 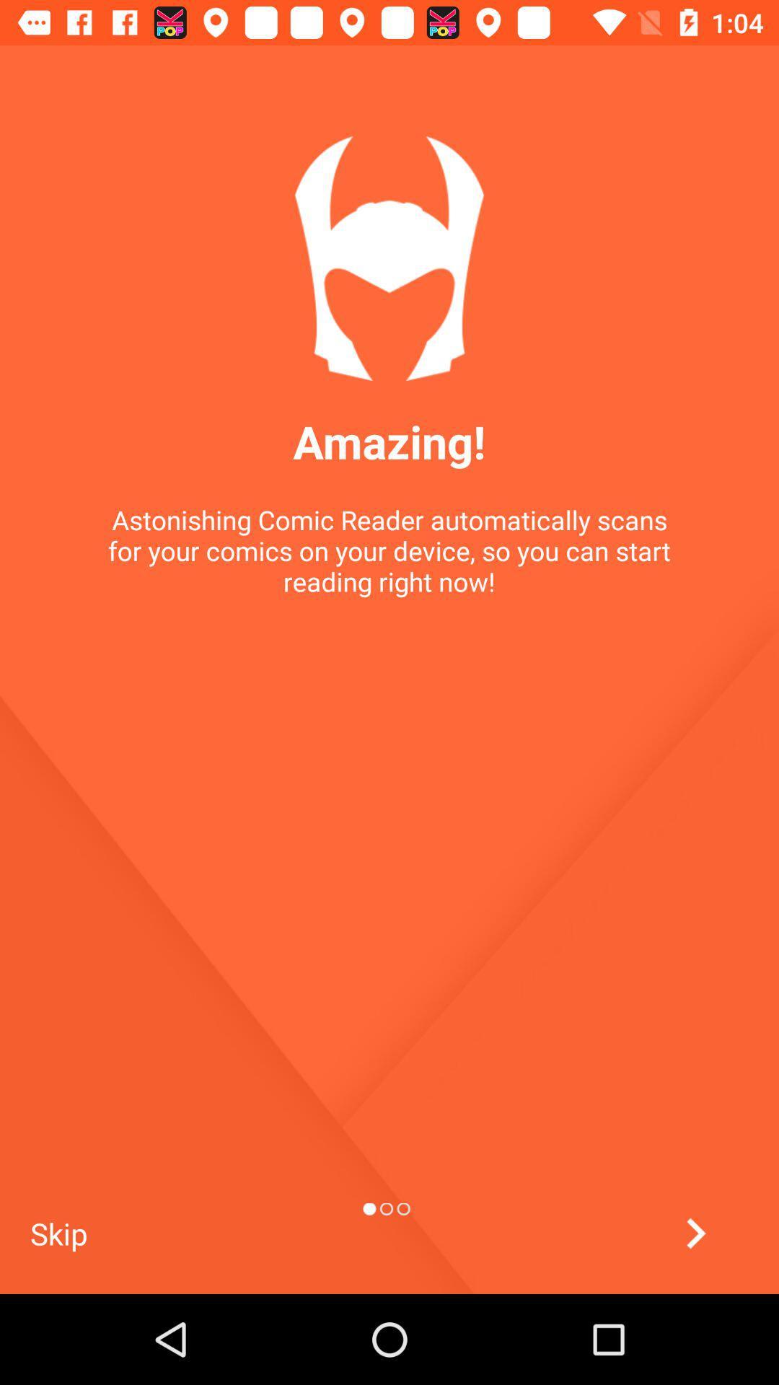 What do you see at coordinates (695, 1232) in the screenshot?
I see `the arrow_forward icon` at bounding box center [695, 1232].